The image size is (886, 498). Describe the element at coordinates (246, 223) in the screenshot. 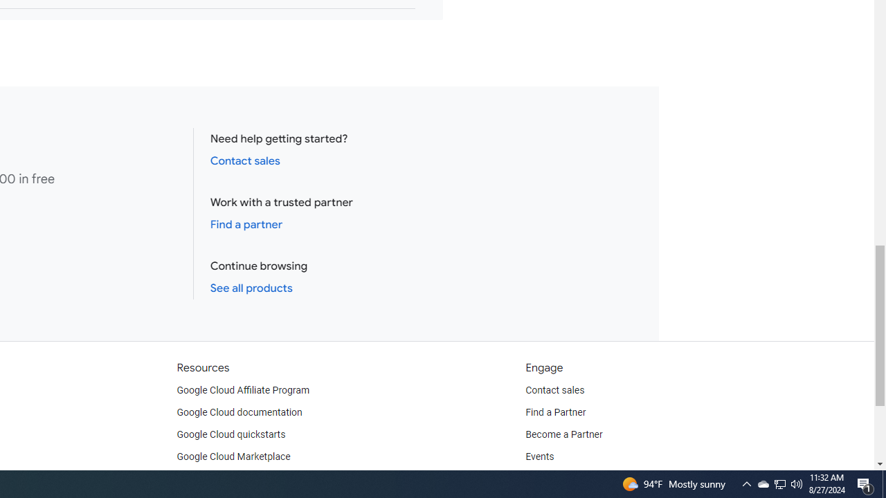

I see `'Find a partner'` at that location.